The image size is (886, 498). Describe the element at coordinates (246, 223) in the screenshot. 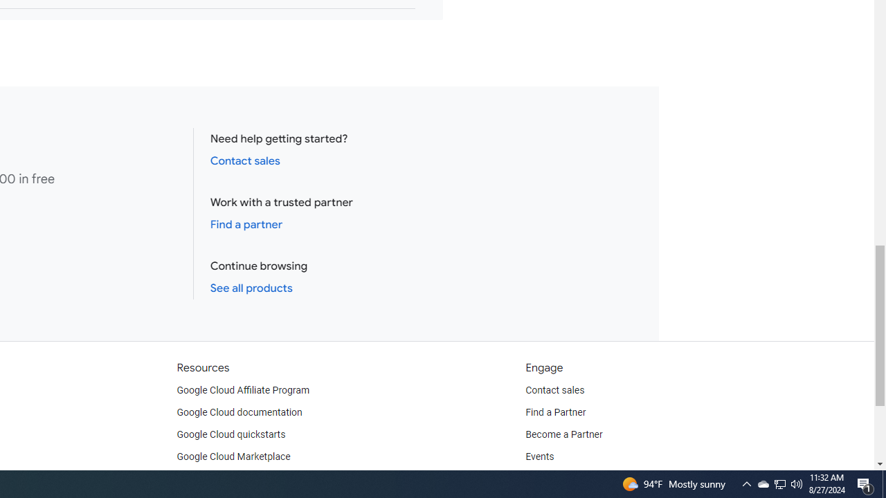

I see `'Find a partner'` at that location.